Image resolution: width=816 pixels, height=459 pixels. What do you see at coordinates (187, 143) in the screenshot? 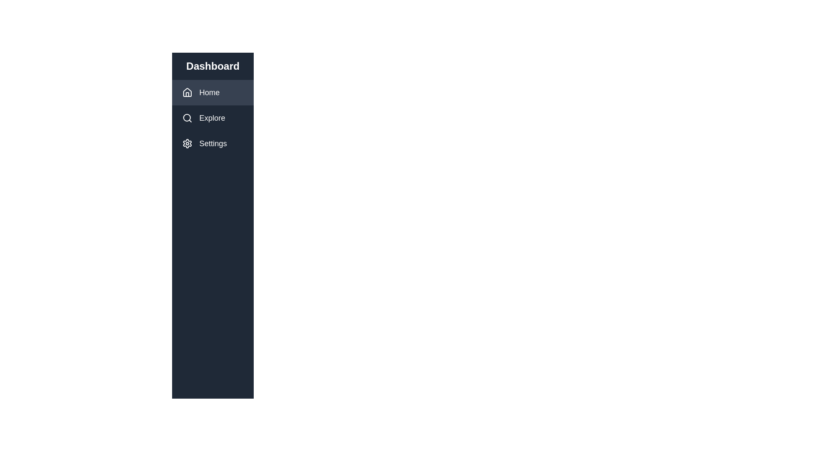
I see `the gear-shaped icon for settings, located at the bottom of the sidebar` at bounding box center [187, 143].